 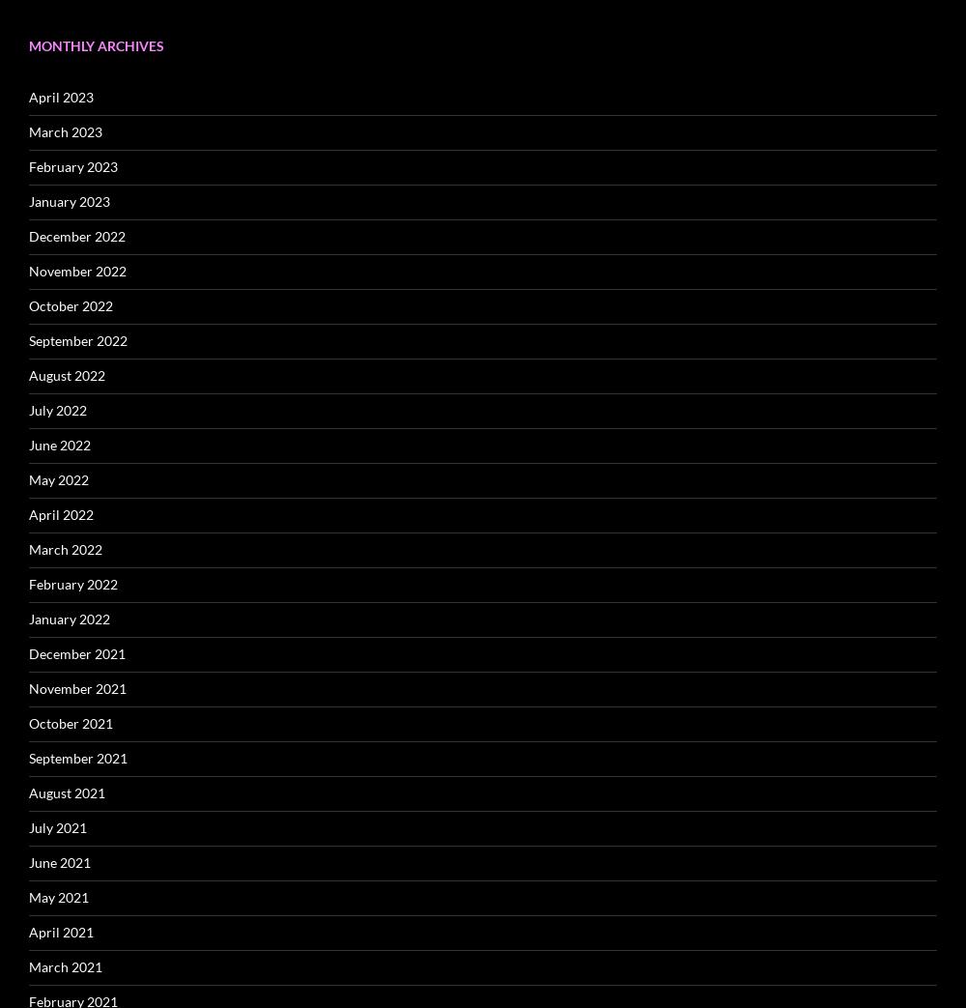 I want to click on 'July 2021', so click(x=58, y=827).